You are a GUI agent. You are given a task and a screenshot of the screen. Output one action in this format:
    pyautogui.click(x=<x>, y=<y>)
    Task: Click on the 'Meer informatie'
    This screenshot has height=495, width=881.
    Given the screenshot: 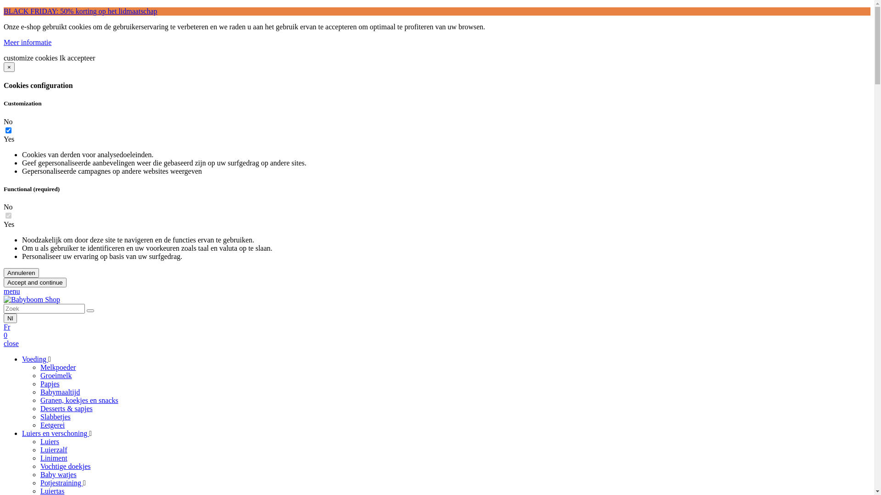 What is the action you would take?
    pyautogui.click(x=27, y=42)
    